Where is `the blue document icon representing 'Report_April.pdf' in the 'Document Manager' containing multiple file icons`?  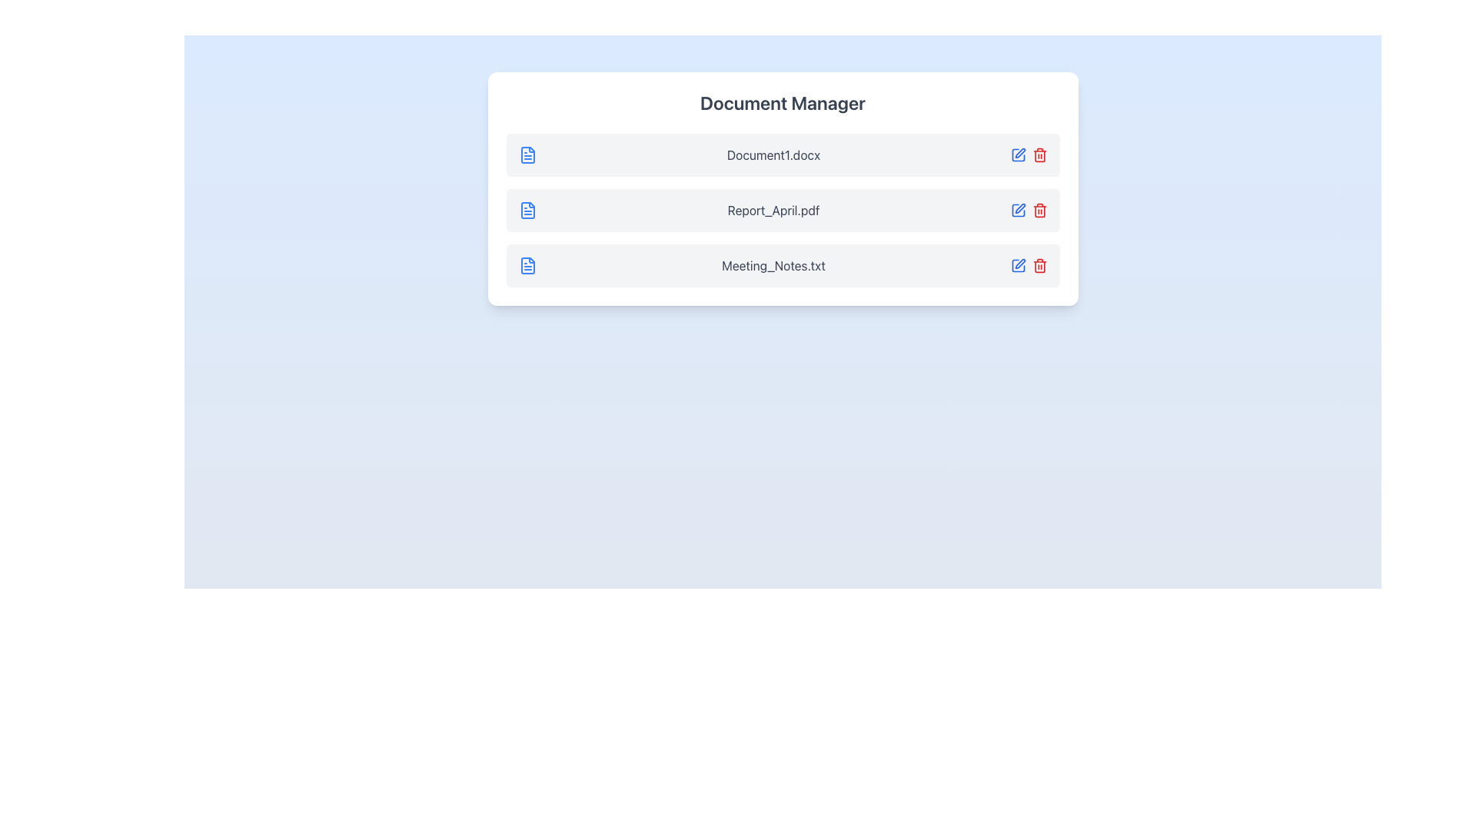 the blue document icon representing 'Report_April.pdf' in the 'Document Manager' containing multiple file icons is located at coordinates (527, 210).